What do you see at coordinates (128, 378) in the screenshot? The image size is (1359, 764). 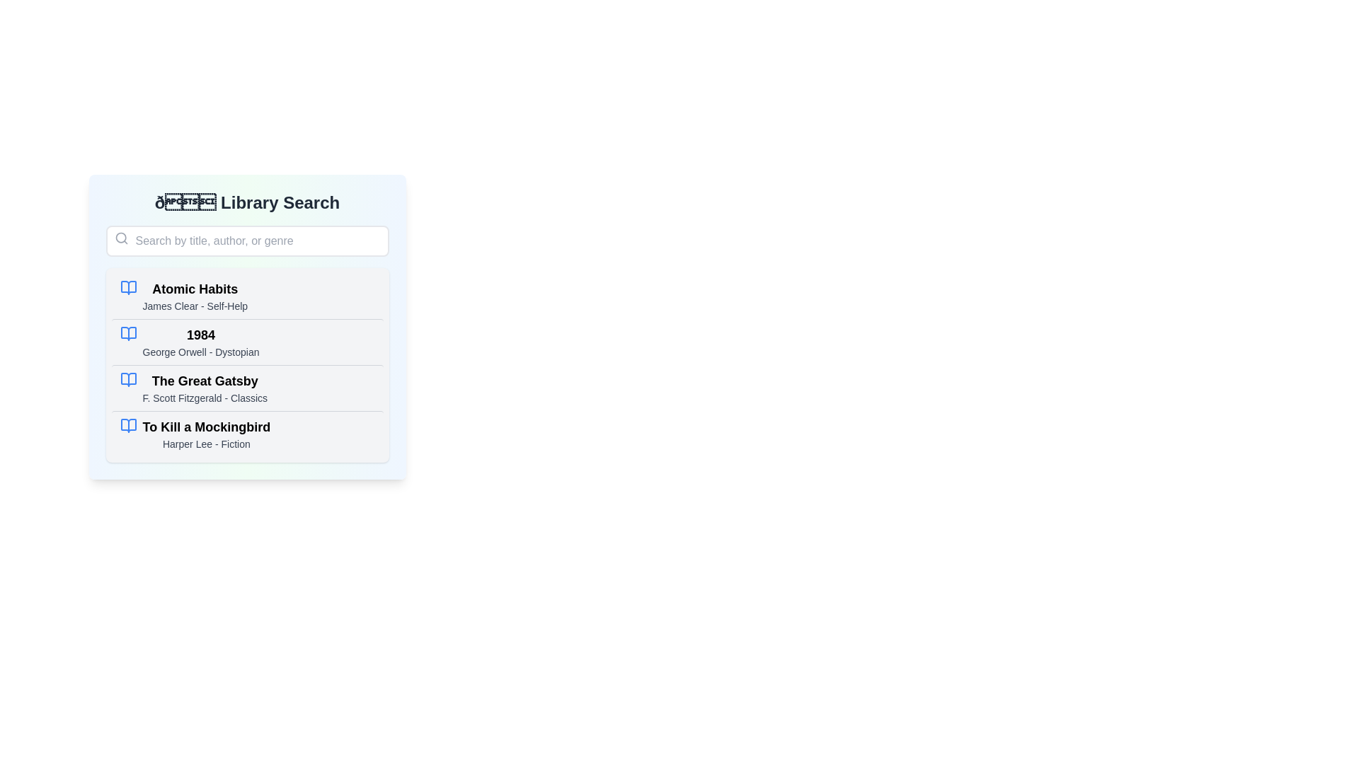 I see `the book icon representing 'The Great Gatsby', located at the left end of its row in the list` at bounding box center [128, 378].